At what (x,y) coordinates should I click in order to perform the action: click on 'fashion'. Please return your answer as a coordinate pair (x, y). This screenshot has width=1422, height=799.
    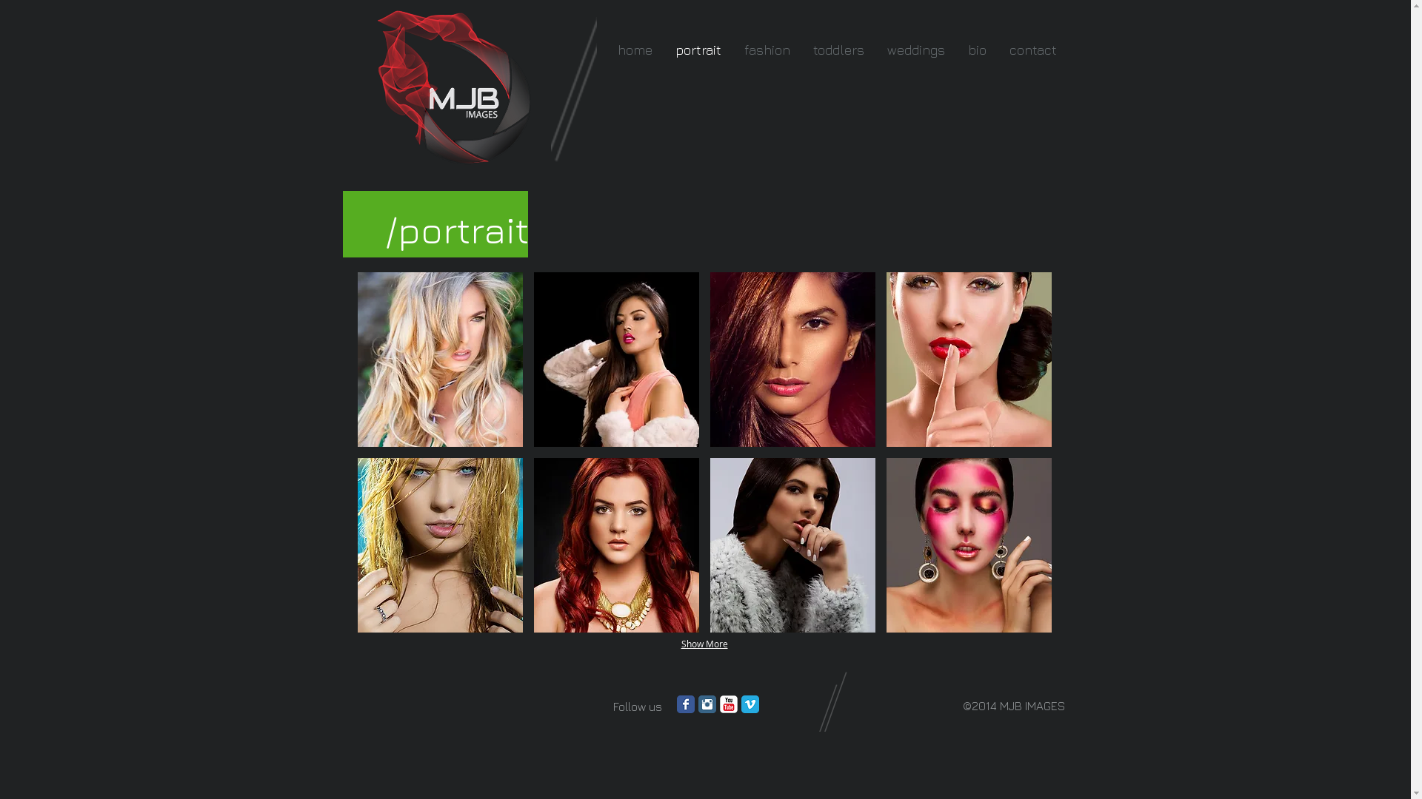
    Looking at the image, I should click on (766, 49).